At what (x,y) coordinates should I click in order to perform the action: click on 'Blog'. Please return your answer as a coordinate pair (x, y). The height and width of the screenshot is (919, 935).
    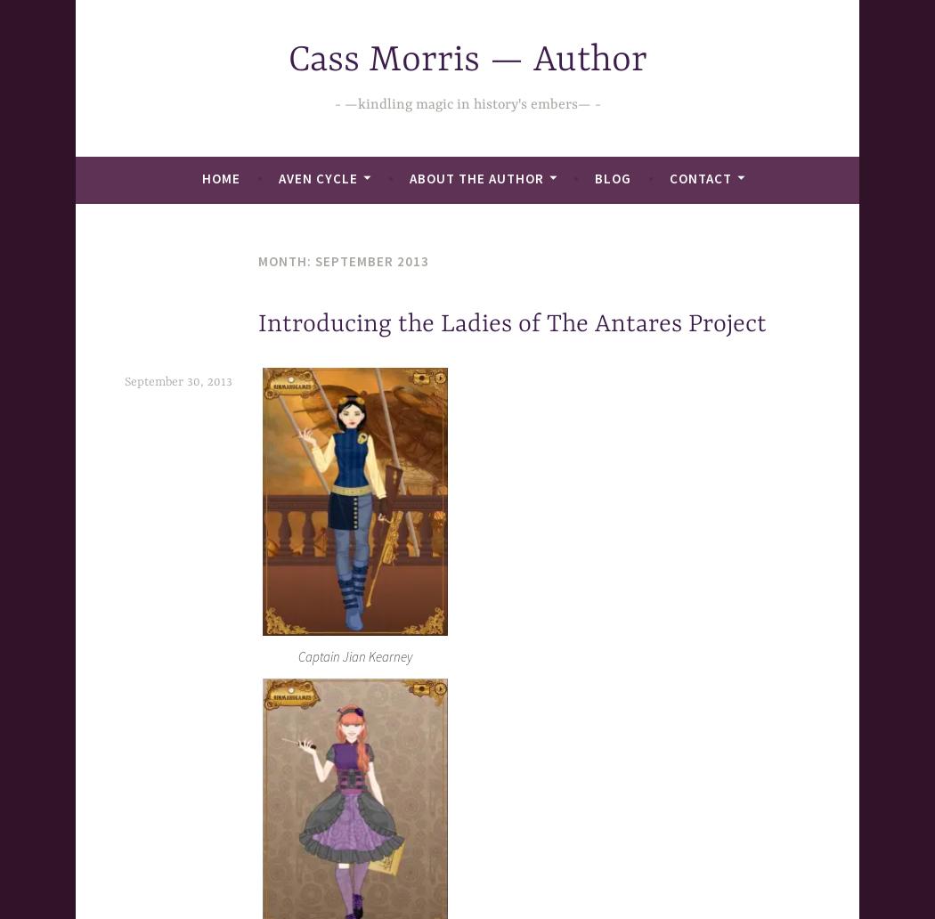
    Looking at the image, I should click on (613, 177).